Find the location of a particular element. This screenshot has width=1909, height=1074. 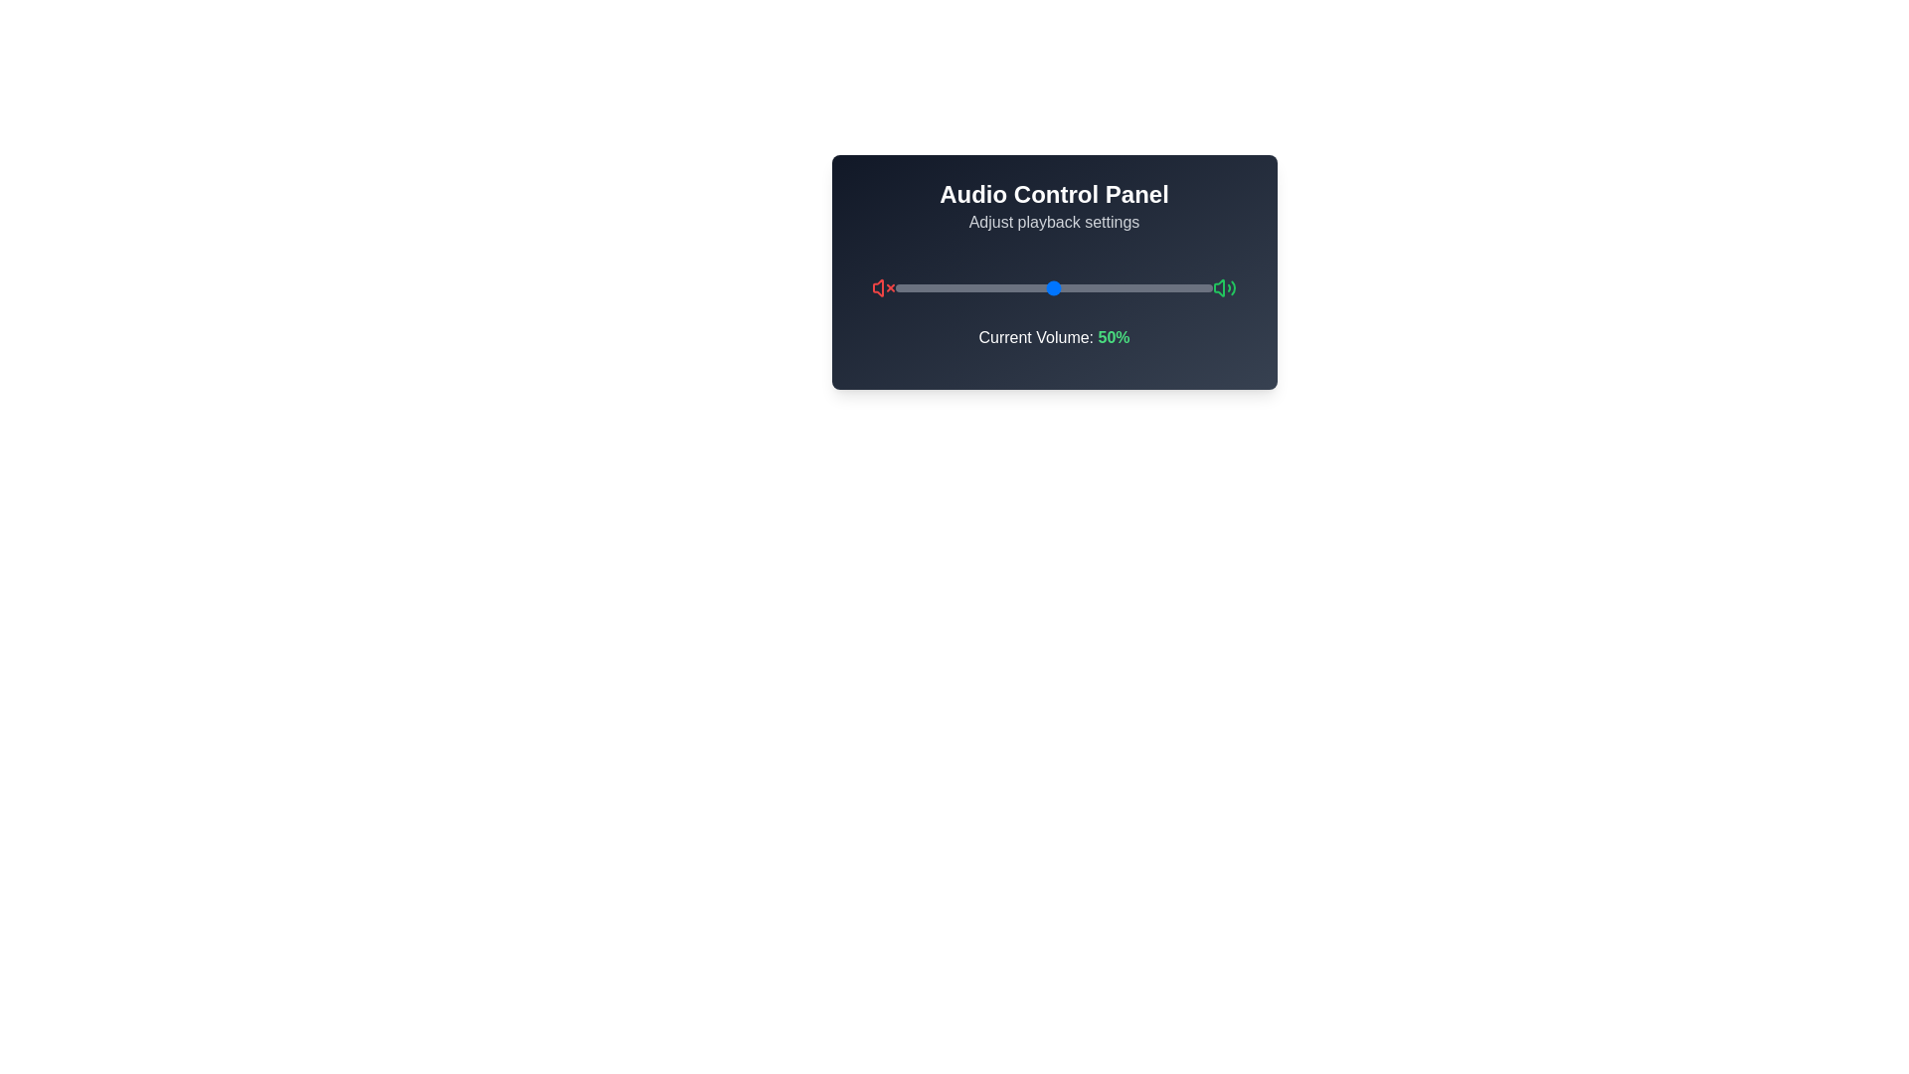

the volume slider to set the volume to 55% is located at coordinates (1069, 287).